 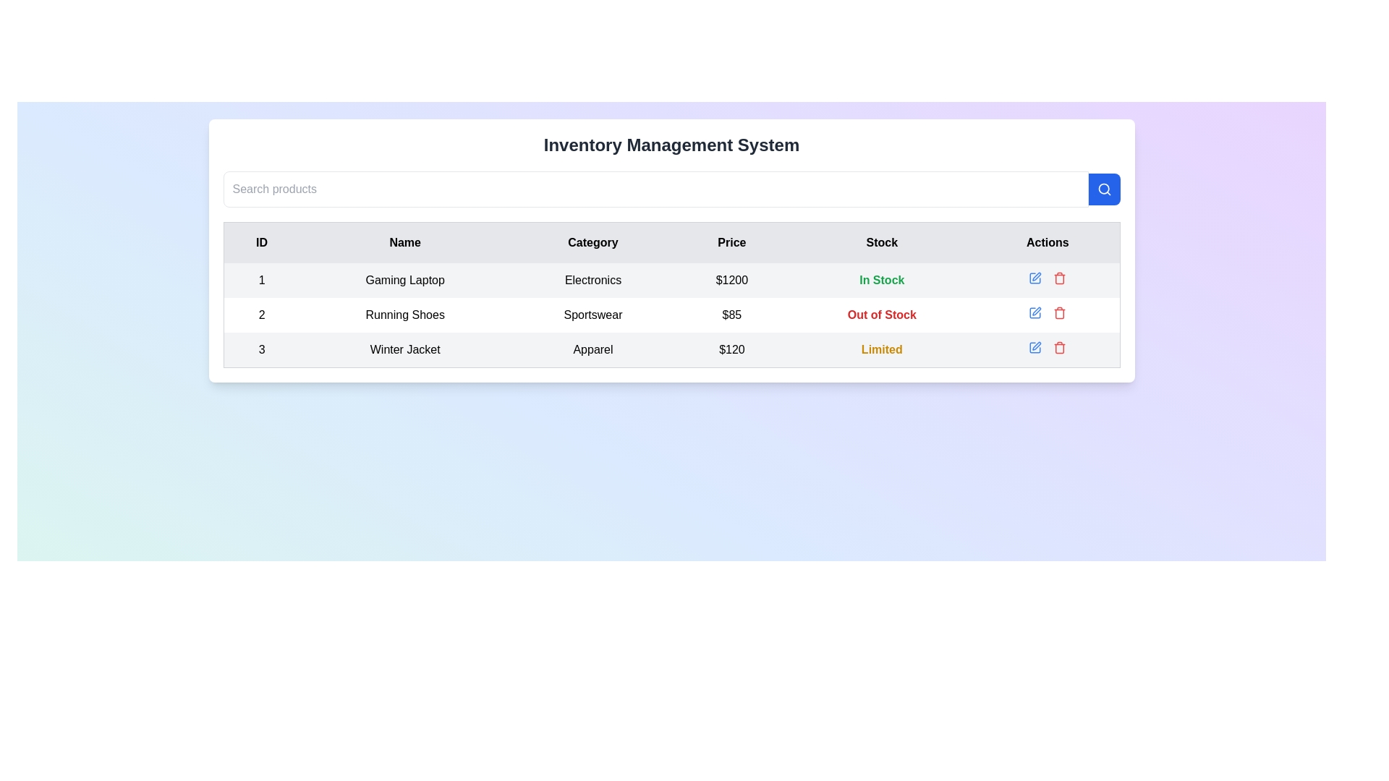 What do you see at coordinates (1103, 189) in the screenshot?
I see `the search button located at the far right of the horizontal input row` at bounding box center [1103, 189].